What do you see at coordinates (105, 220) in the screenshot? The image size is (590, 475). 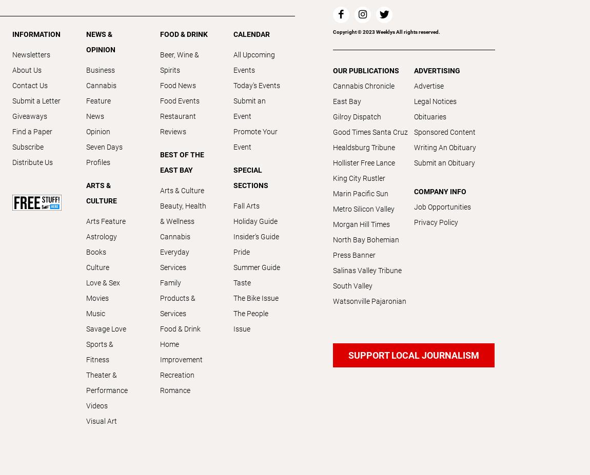 I see `'Arts Feature'` at bounding box center [105, 220].